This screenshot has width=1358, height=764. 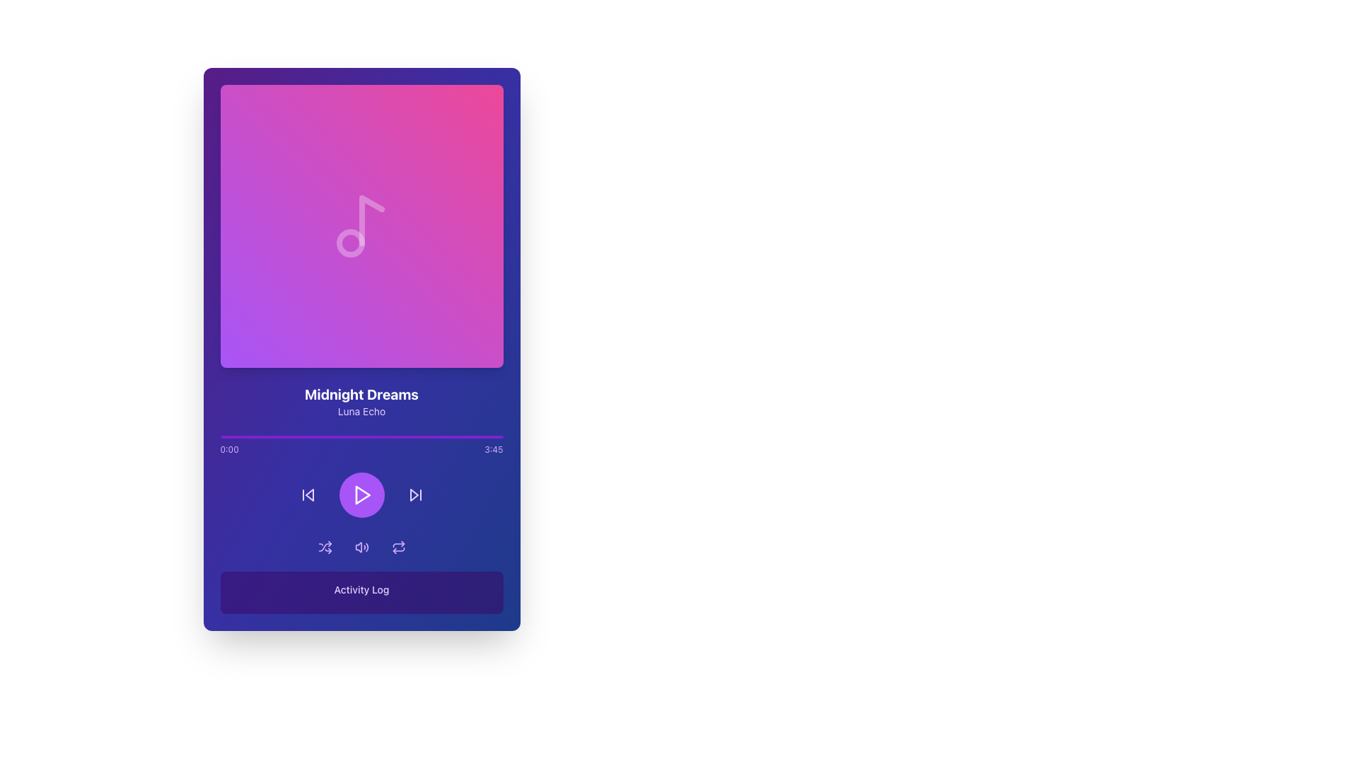 I want to click on the circular purple button with a white play icon located at the center of the player control section, so click(x=361, y=494).